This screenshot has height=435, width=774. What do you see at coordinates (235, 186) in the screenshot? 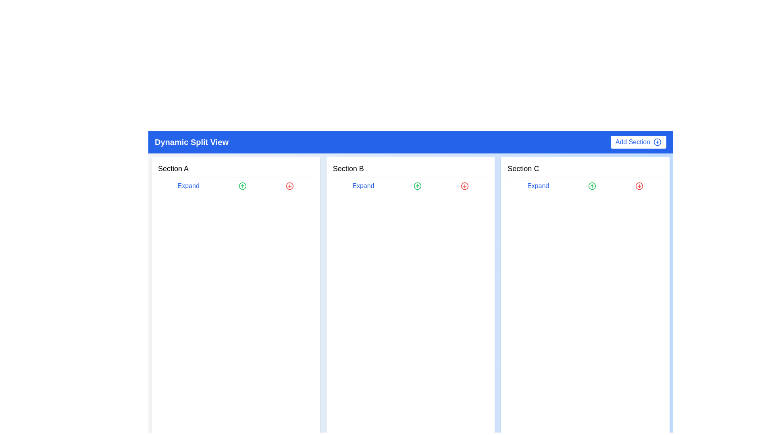
I see `the upward green arrow icon on the right side of the composite component containing interactive text and icons, located under the 'Section A' heading in the first panel of the dynamic split view interface` at bounding box center [235, 186].